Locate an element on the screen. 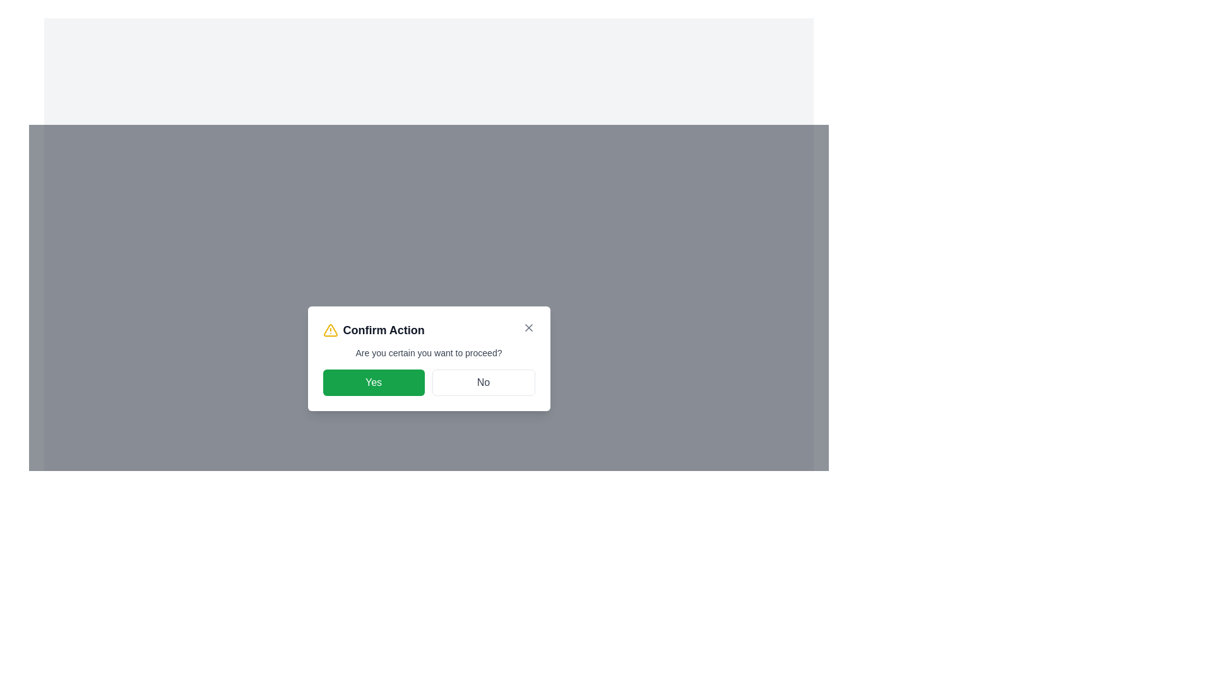  the small interactive button represented by an 'X' symbol in gray color, located in the top-right corner of the dialog box displaying 'Confirm Action' is located at coordinates (528, 327).